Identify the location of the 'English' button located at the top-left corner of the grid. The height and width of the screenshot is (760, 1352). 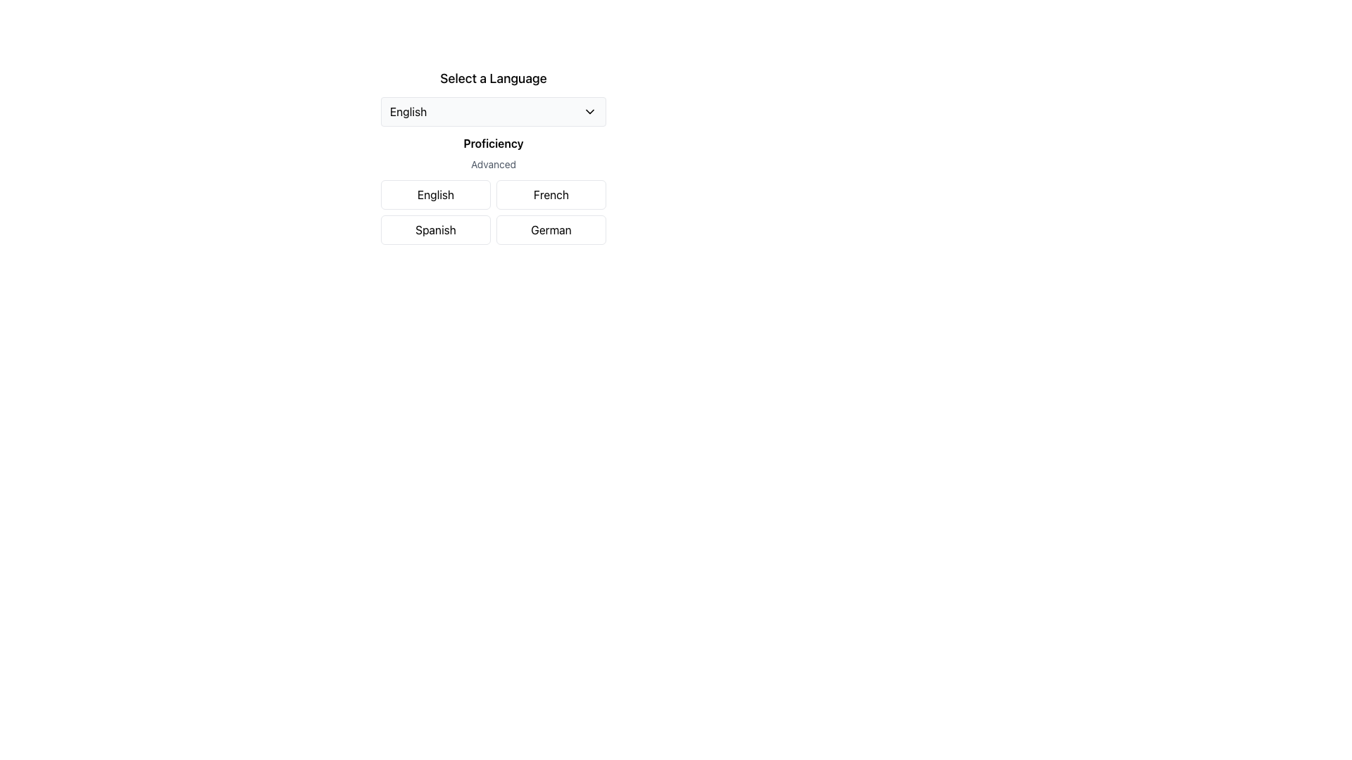
(435, 195).